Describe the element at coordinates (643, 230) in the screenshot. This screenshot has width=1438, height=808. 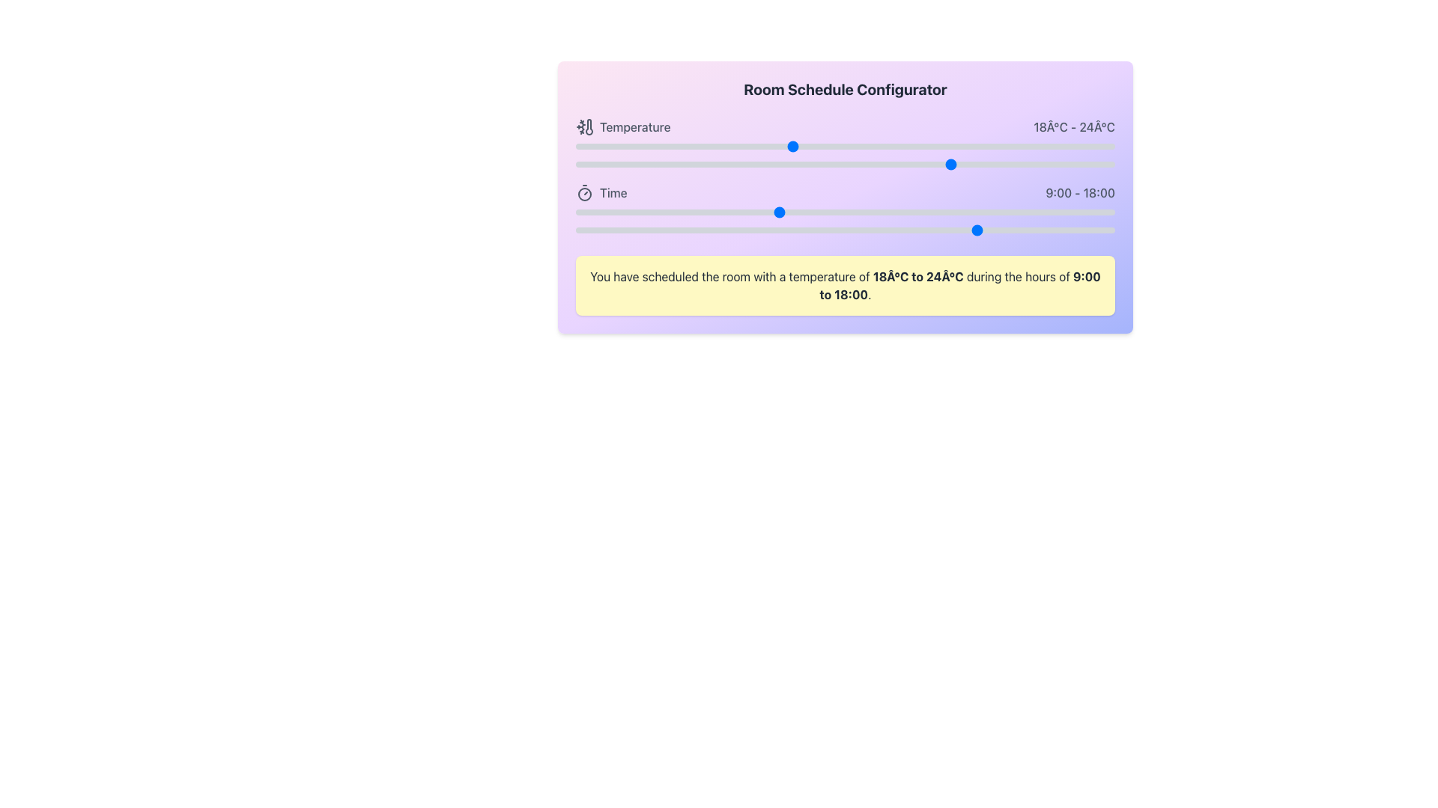
I see `the time` at that location.